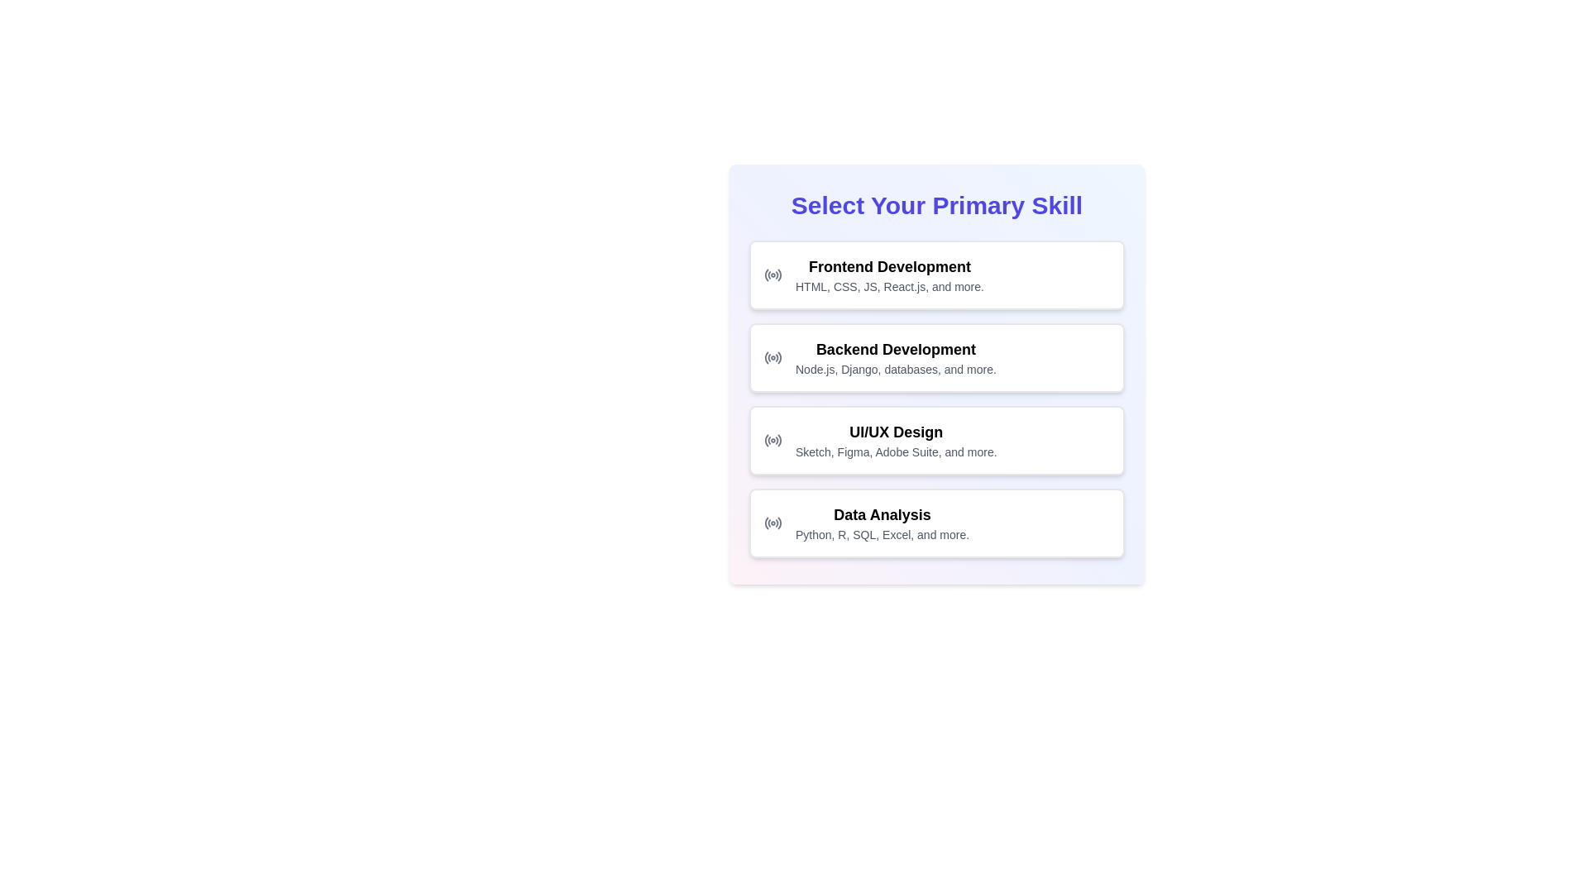  What do you see at coordinates (778, 523) in the screenshot?
I see `the curved line element that is part of the SVG graphic in the 'Data Analysis' section, styled like a radio wave indicator` at bounding box center [778, 523].